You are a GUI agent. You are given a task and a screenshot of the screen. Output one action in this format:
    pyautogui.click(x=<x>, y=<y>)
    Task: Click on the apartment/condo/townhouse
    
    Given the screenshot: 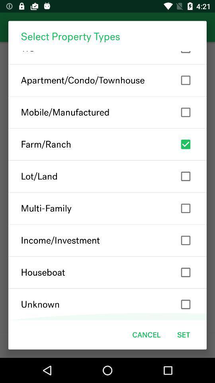 What is the action you would take?
    pyautogui.click(x=107, y=80)
    